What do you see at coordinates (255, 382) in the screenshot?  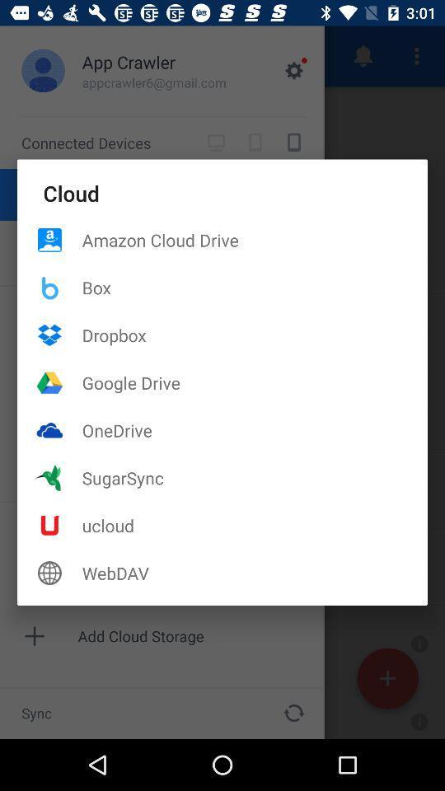 I see `the google drive` at bounding box center [255, 382].